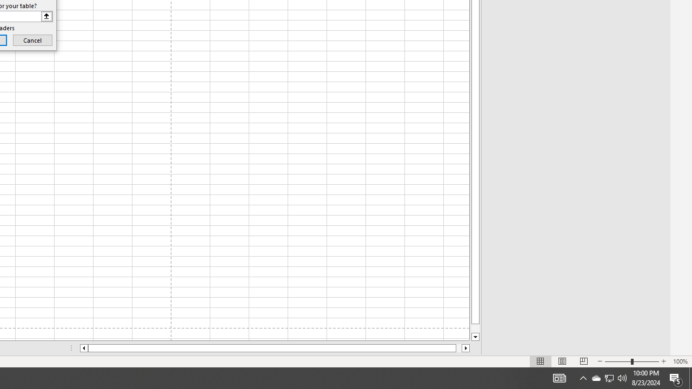  I want to click on 'Page Layout', so click(562, 361).